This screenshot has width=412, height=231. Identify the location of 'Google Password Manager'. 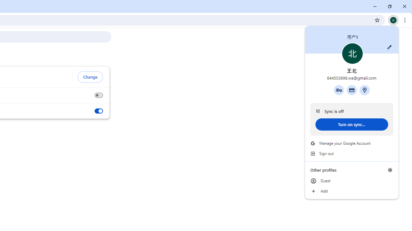
(338, 90).